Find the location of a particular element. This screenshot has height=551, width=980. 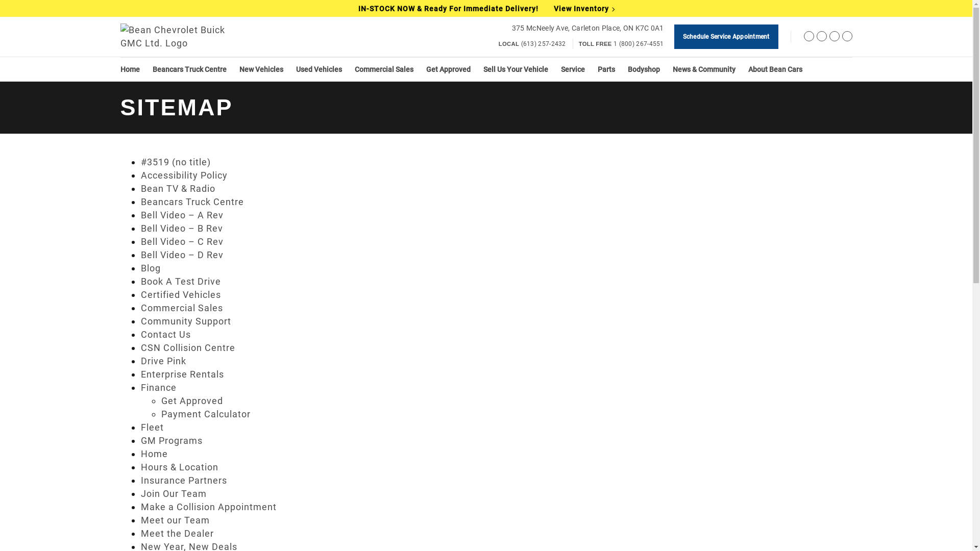

'Get Approved' is located at coordinates (161, 400).